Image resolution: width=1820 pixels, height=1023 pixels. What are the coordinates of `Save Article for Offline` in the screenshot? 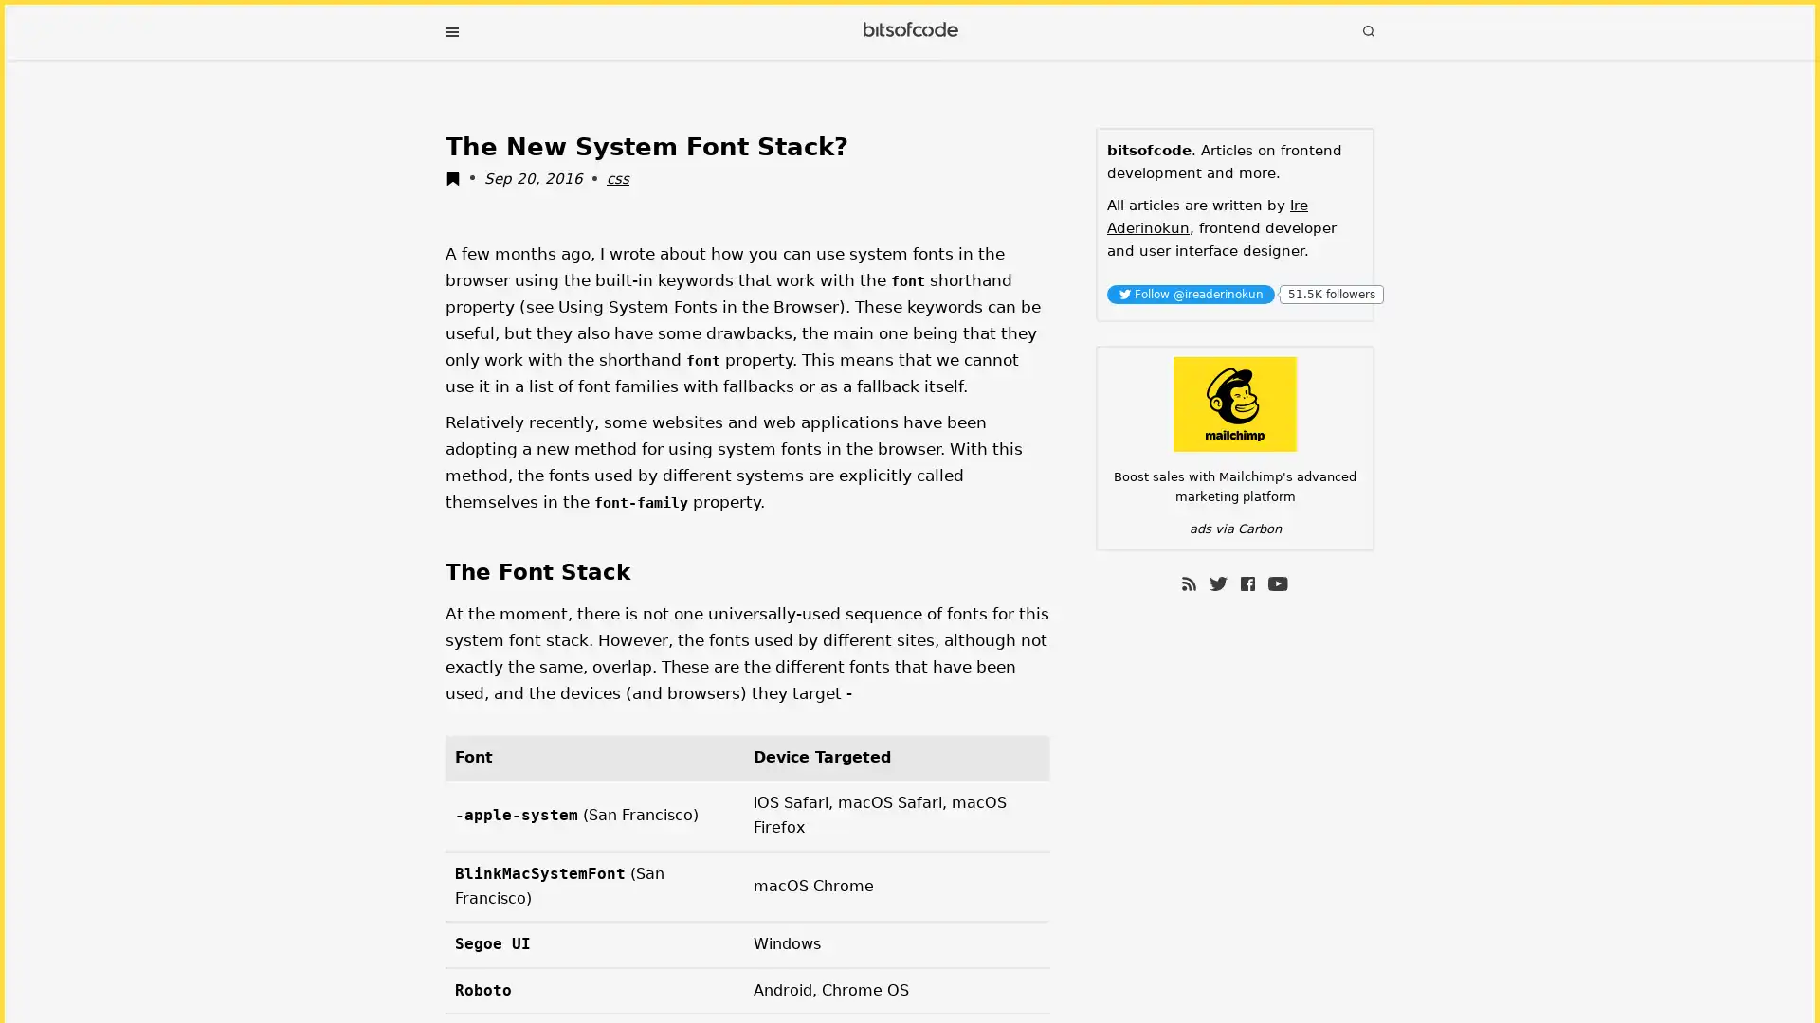 It's located at (458, 181).